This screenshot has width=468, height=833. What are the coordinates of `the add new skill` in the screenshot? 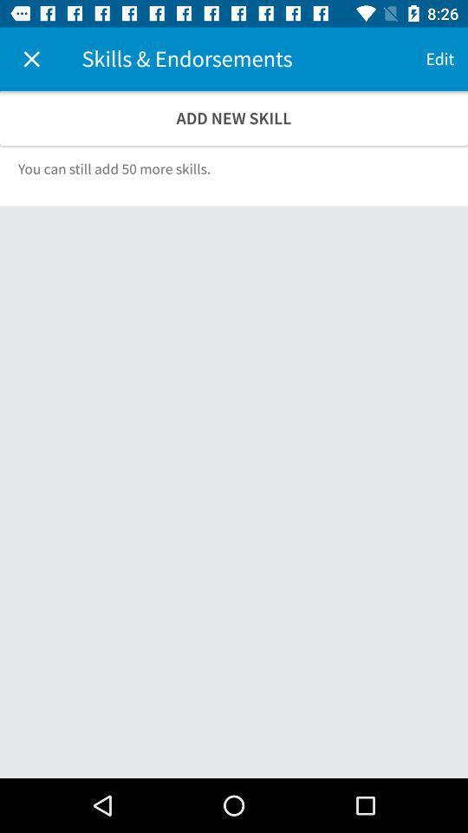 It's located at (234, 117).